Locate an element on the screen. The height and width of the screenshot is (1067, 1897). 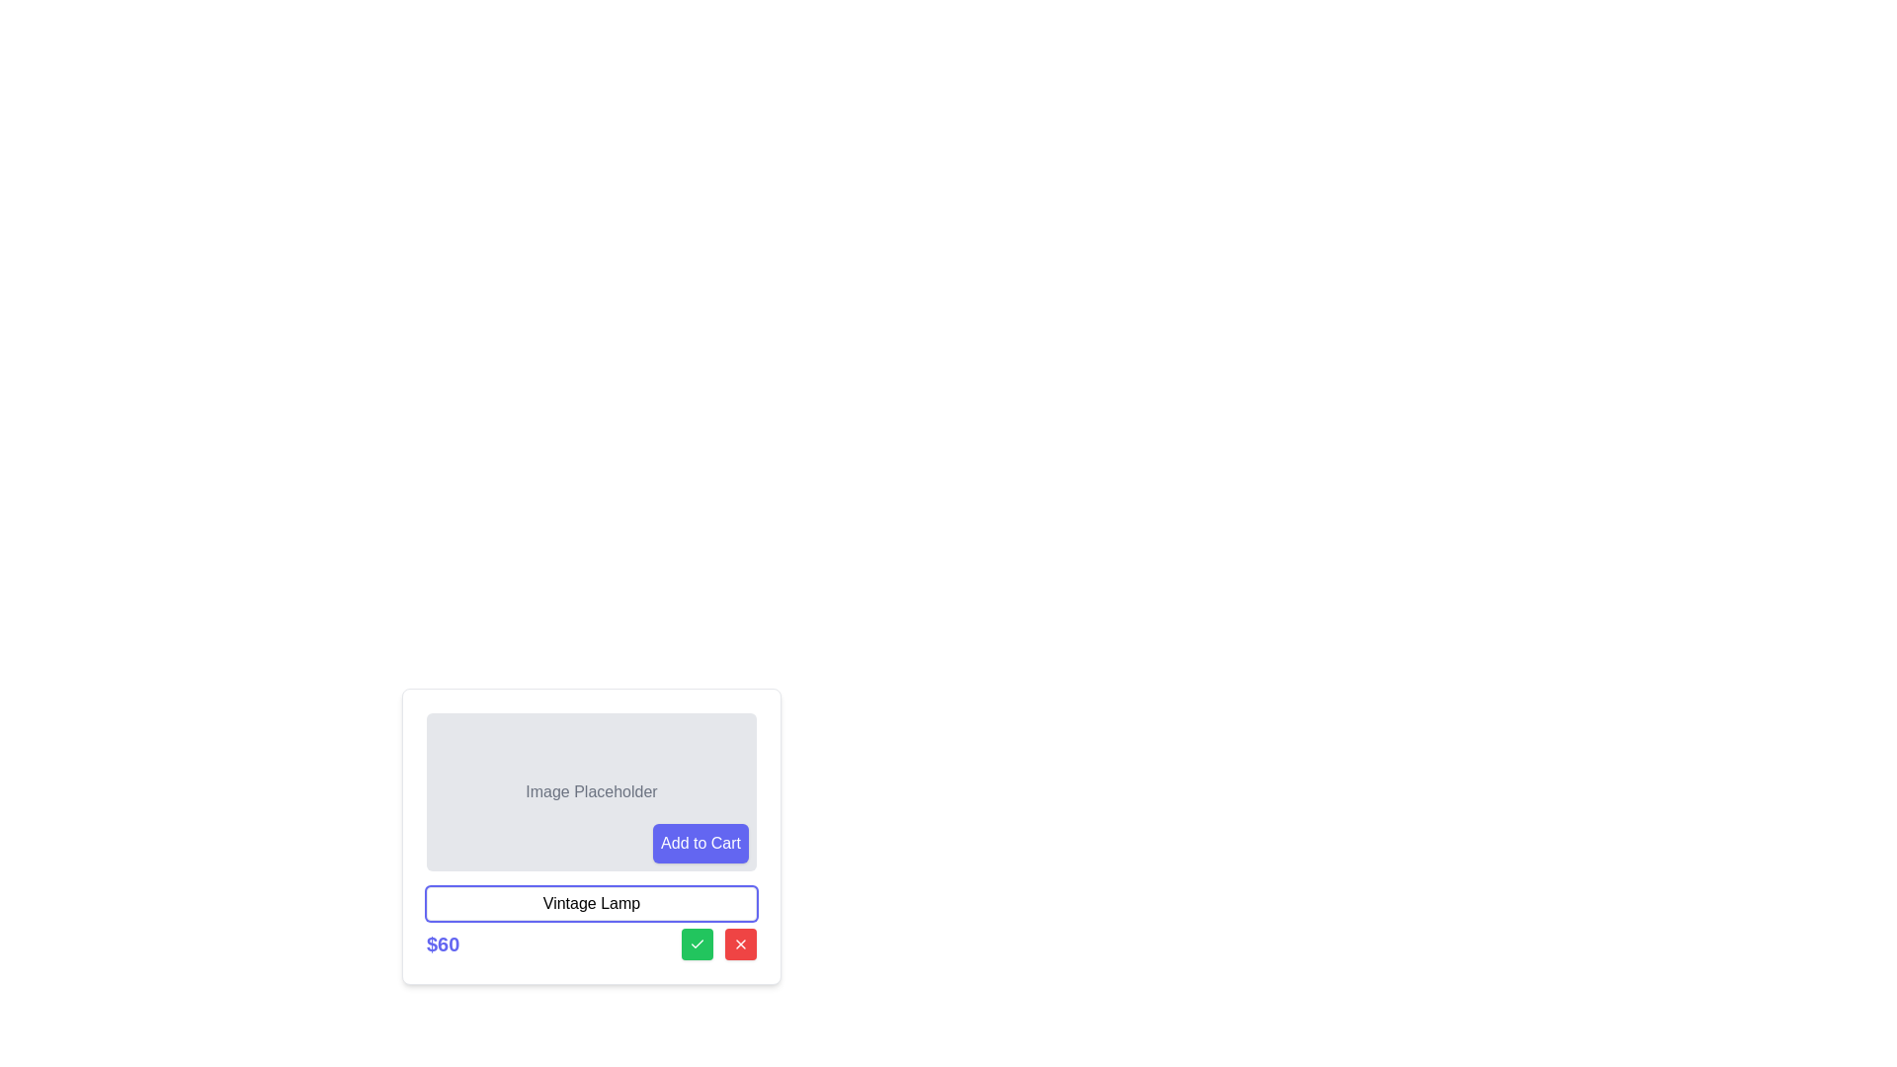
the 'Add to Cart' button, which is an indigo rectangular button with white text and rounded corners, to observe the style change is located at coordinates (701, 843).